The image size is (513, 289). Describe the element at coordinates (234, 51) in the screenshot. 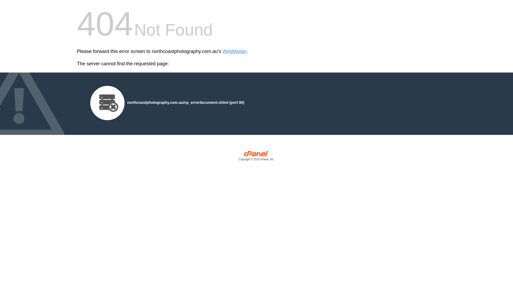

I see `'WebMaster'` at that location.